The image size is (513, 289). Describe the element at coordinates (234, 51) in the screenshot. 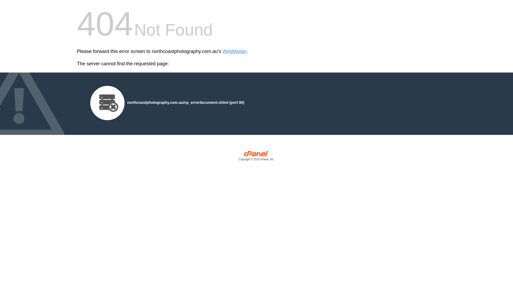

I see `'WebMaster'` at that location.